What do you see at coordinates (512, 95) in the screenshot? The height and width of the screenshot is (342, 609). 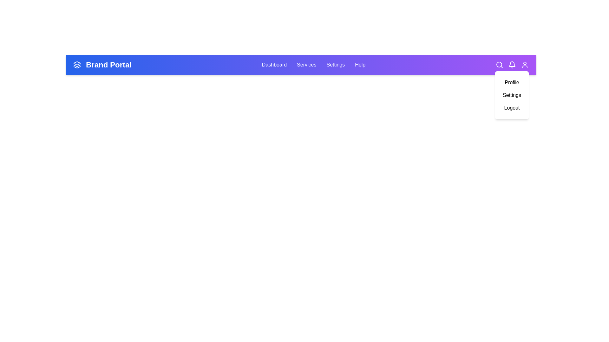 I see `the second item in the vertical dropdown menu, located below 'Profile' and above 'Logout'` at bounding box center [512, 95].